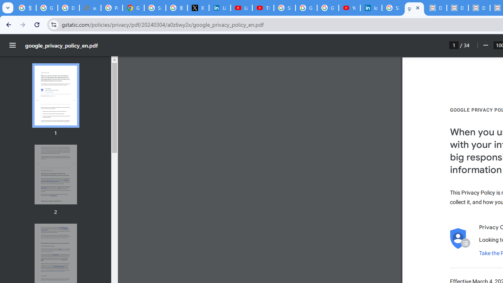 This screenshot has height=283, width=503. I want to click on 'Thumbnail for page 2', so click(55, 174).